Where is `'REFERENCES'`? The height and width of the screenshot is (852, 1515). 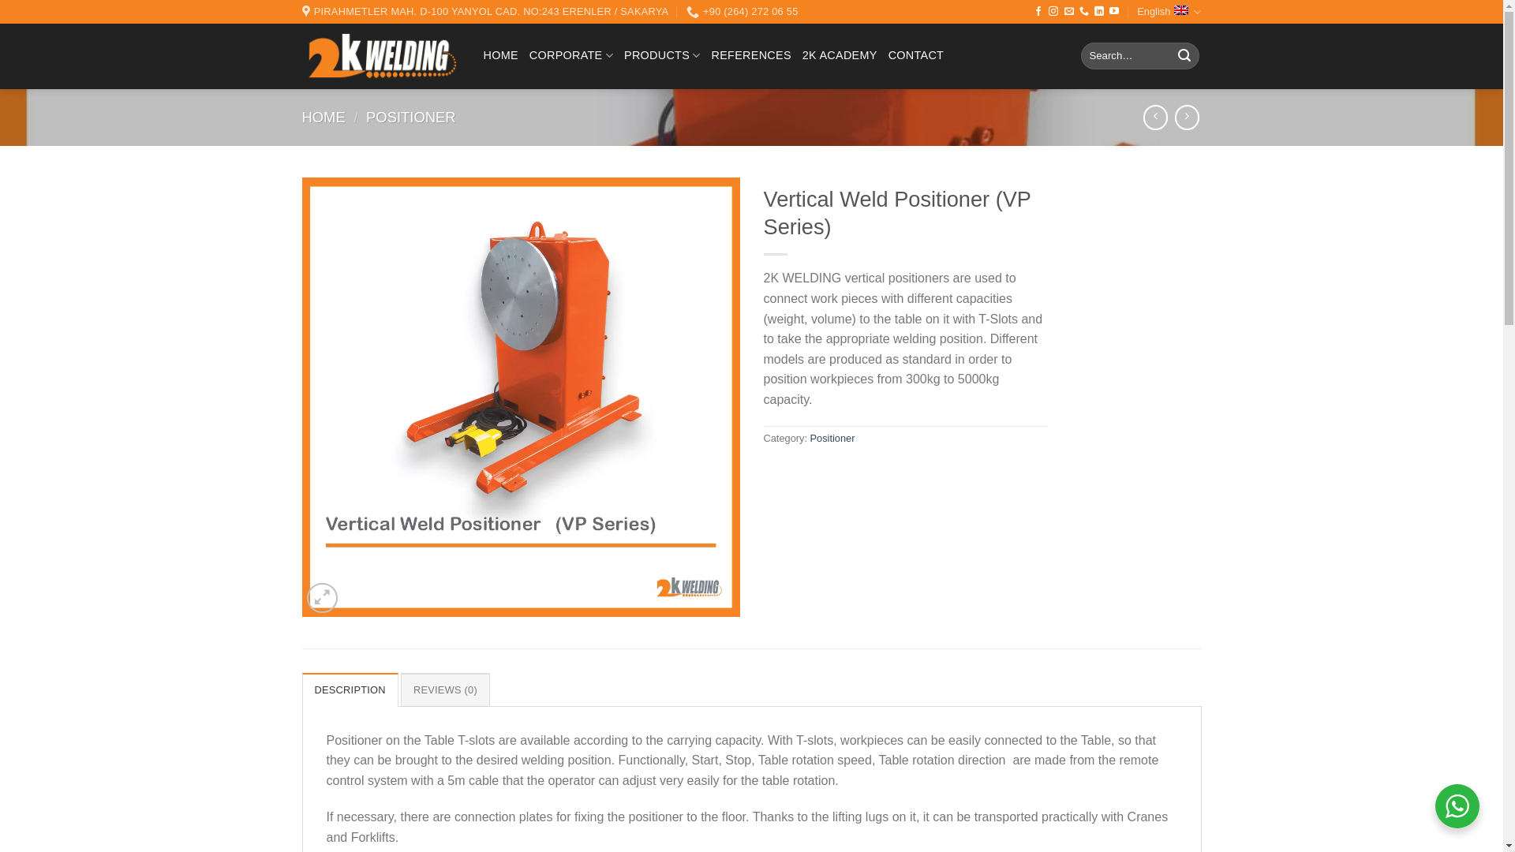 'REFERENCES' is located at coordinates (750, 54).